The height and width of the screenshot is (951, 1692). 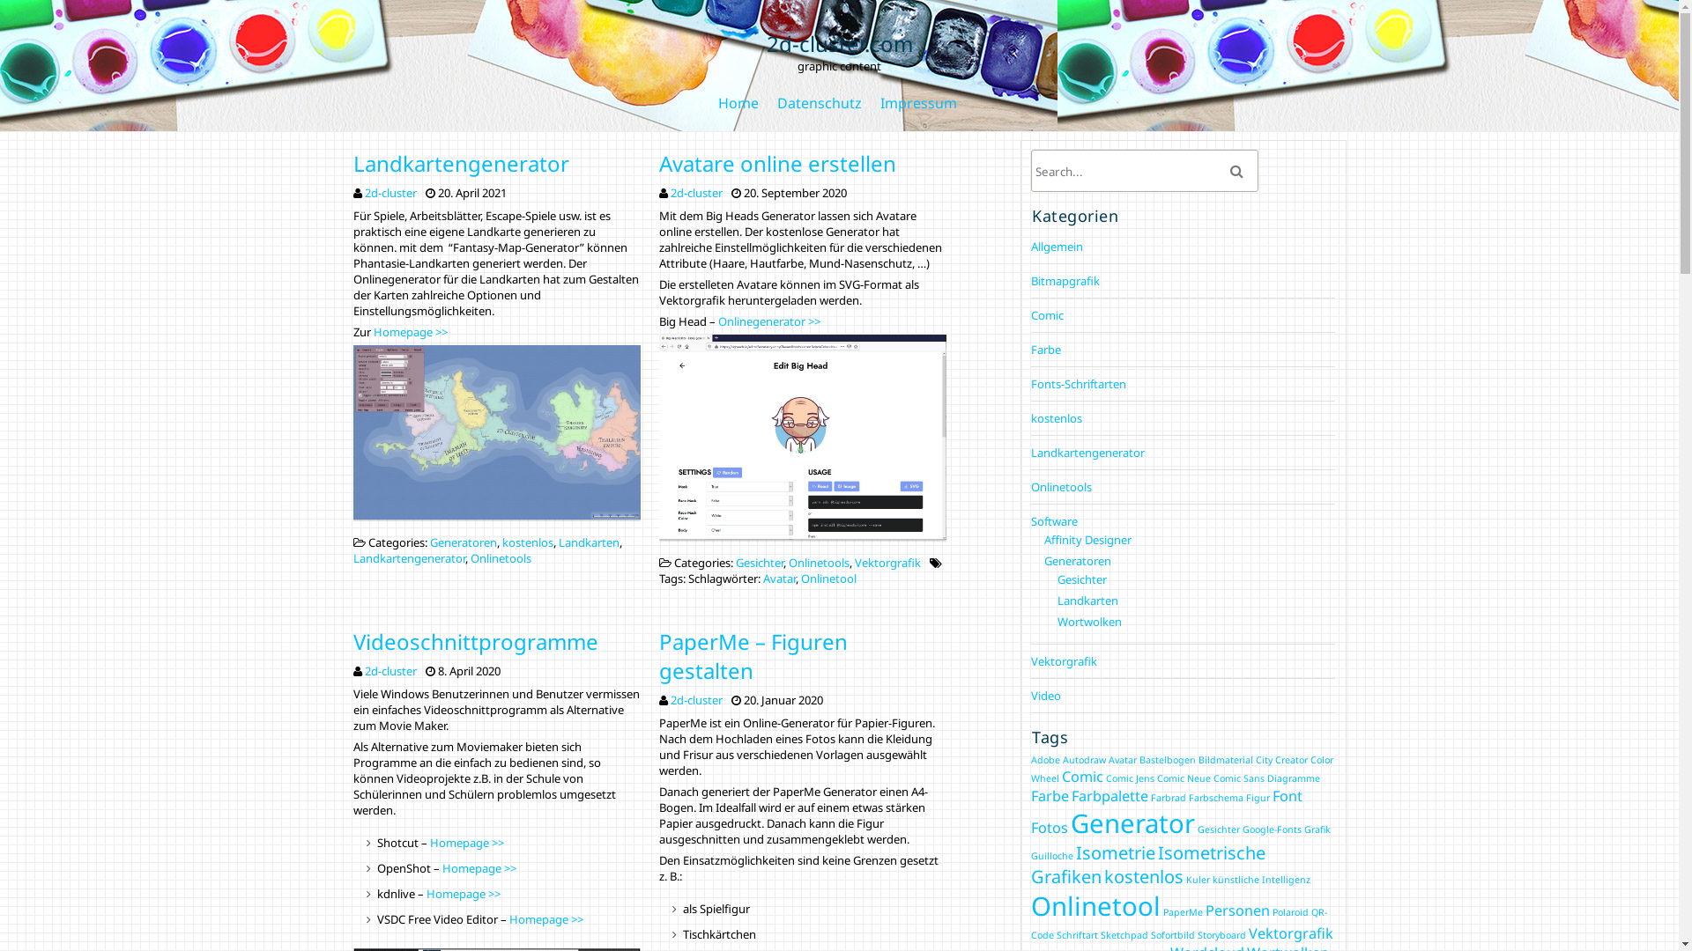 I want to click on '2d-cluster', so click(x=390, y=193).